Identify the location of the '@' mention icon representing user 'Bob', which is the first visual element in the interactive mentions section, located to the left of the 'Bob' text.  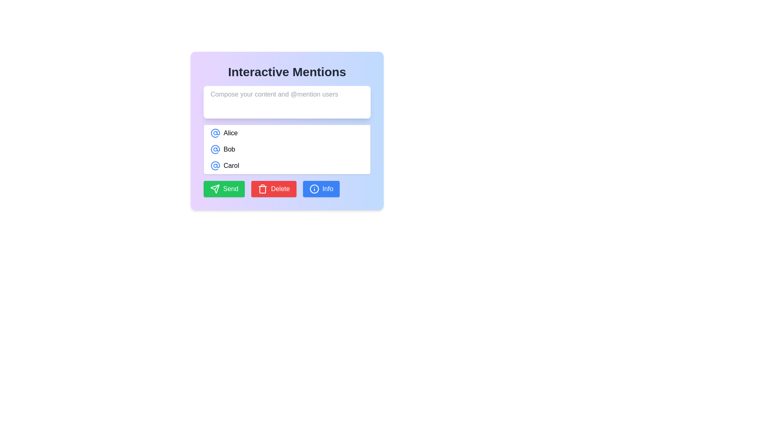
(215, 149).